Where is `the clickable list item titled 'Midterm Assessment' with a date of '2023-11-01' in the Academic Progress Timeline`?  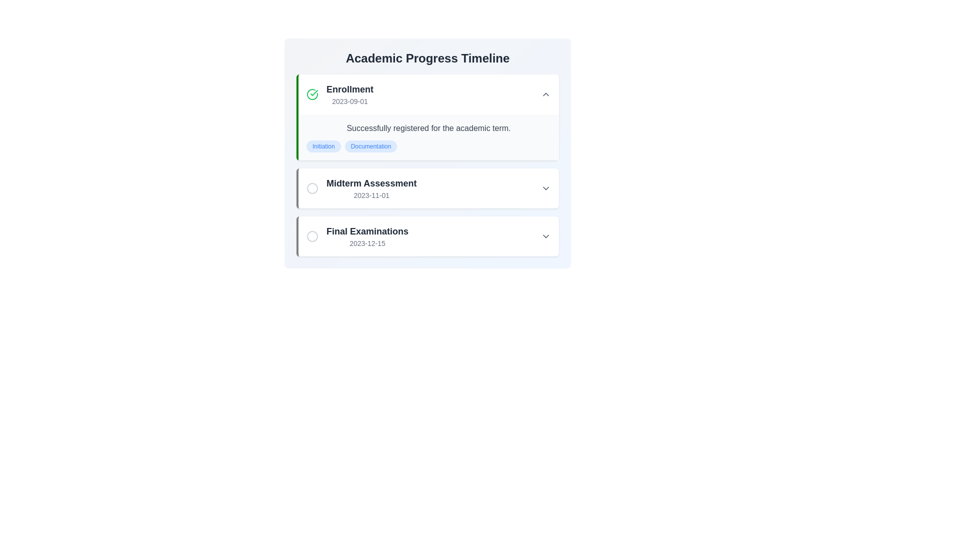 the clickable list item titled 'Midterm Assessment' with a date of '2023-11-01' in the Academic Progress Timeline is located at coordinates (361, 188).